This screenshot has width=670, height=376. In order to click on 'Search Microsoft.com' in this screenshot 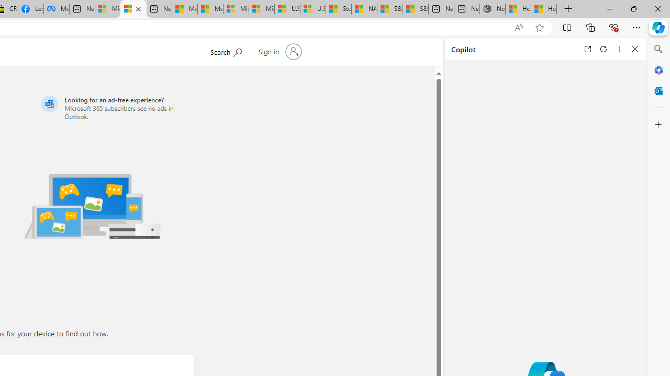, I will do `click(225, 51)`.